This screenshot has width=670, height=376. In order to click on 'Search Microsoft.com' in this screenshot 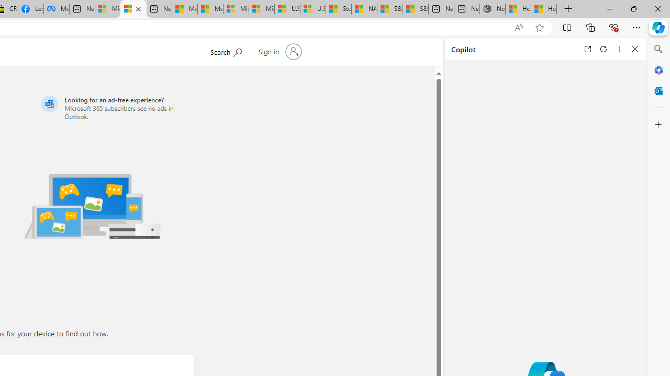, I will do `click(225, 51)`.